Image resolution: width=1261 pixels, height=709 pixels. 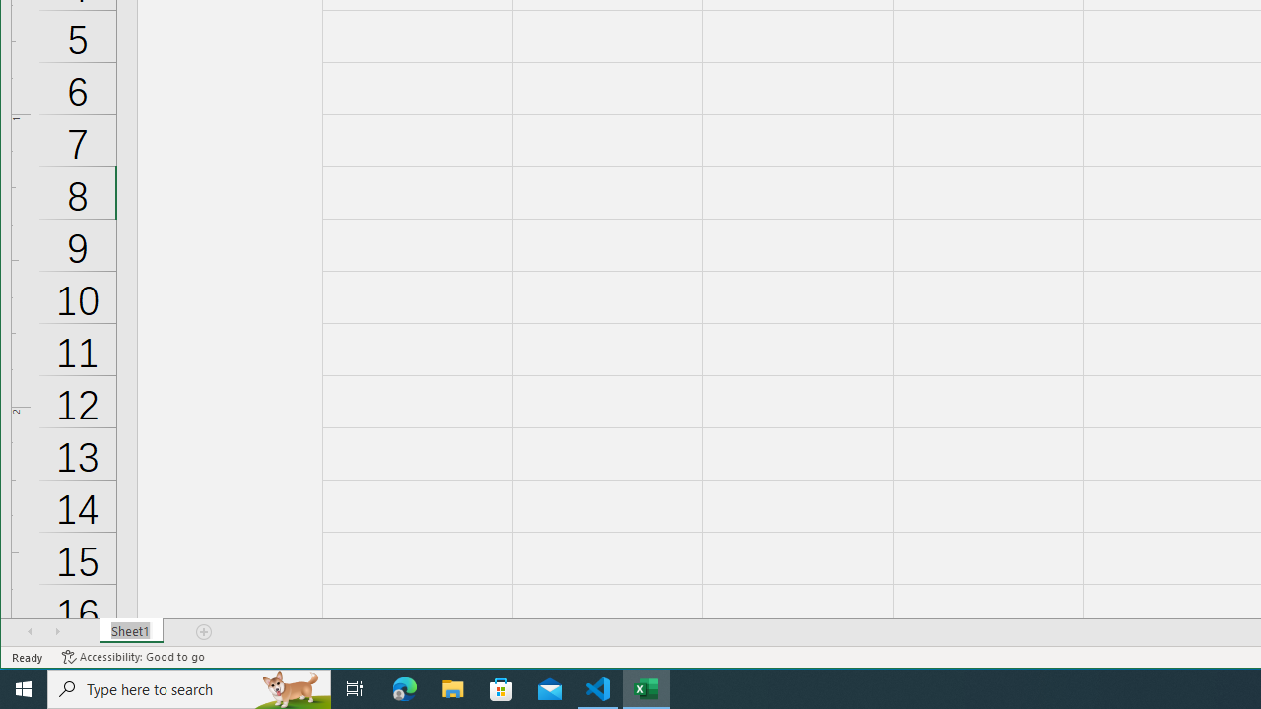 What do you see at coordinates (452, 687) in the screenshot?
I see `'File Explorer'` at bounding box center [452, 687].